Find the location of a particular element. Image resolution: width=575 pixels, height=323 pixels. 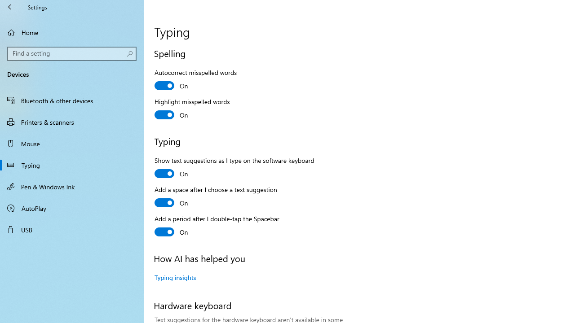

'Highlight misspelled words' is located at coordinates (192, 109).